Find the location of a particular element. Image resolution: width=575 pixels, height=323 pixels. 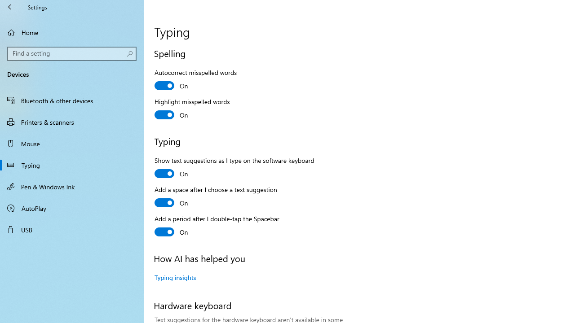

'Highlight misspelled words' is located at coordinates (192, 109).